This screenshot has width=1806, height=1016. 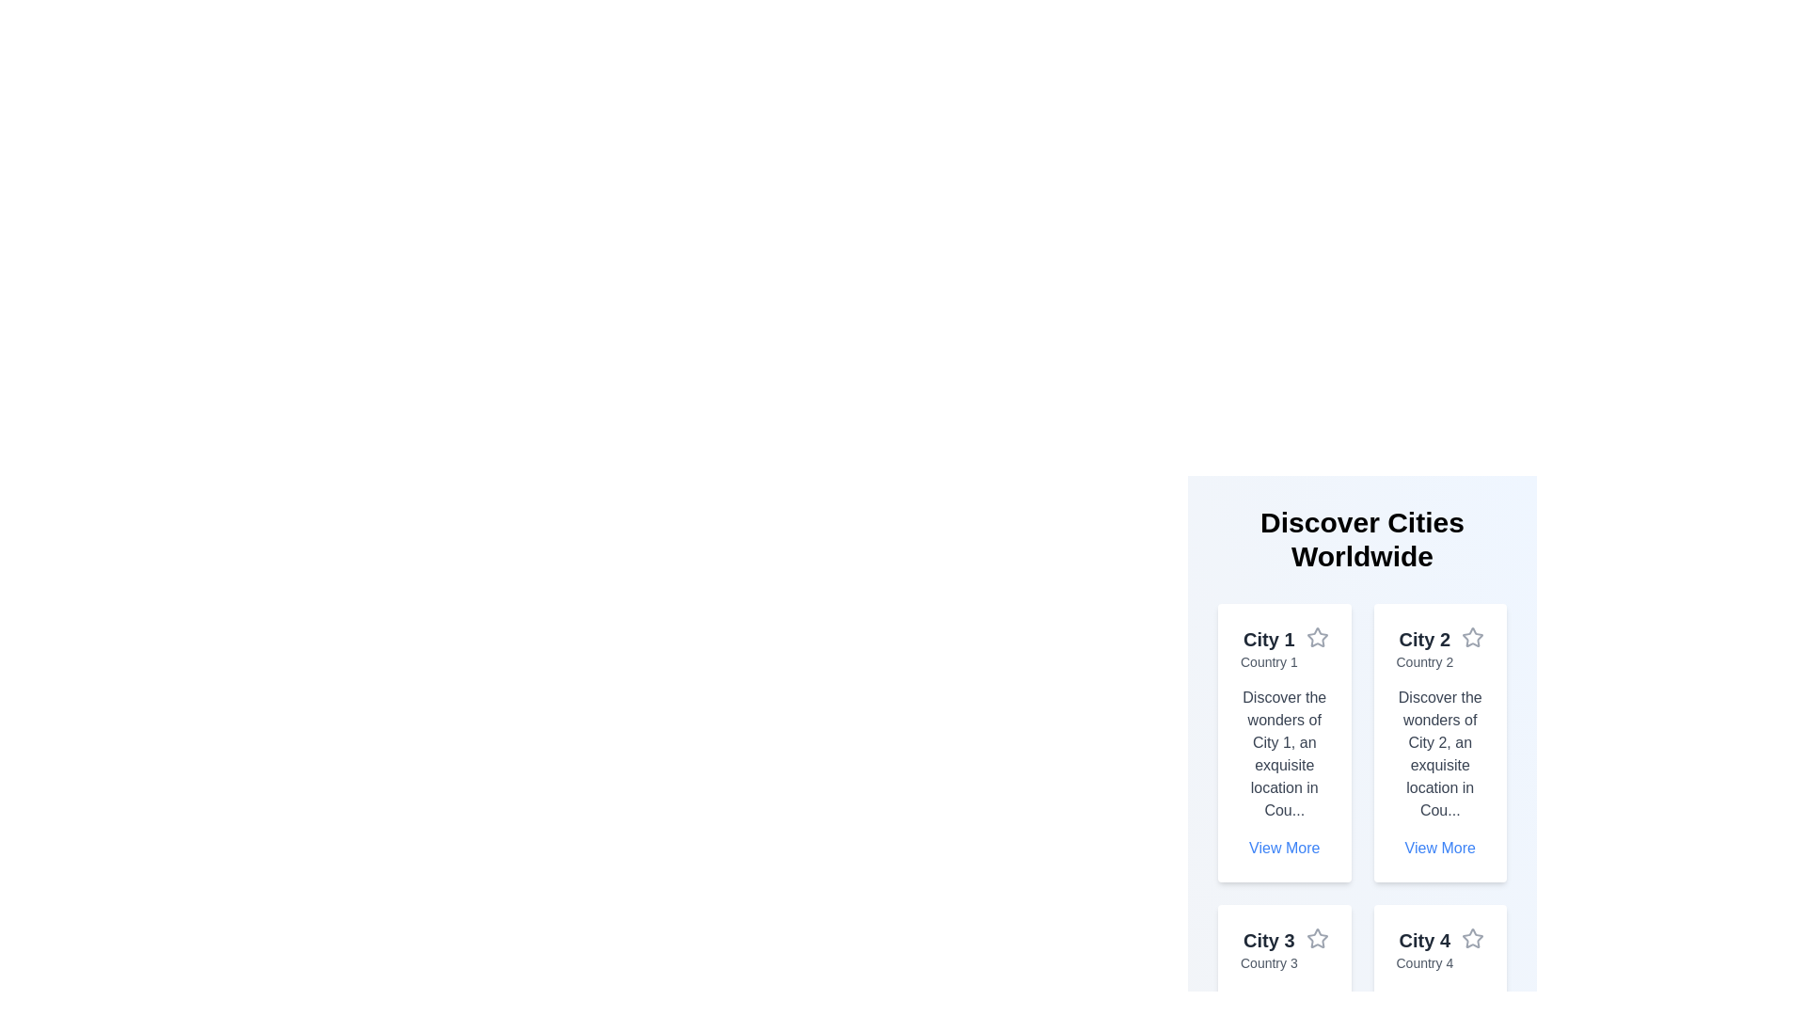 What do you see at coordinates (1362, 540) in the screenshot?
I see `the static text header that displays 'Discover Cities Worldwide', which is prominently positioned at the center of the interface` at bounding box center [1362, 540].